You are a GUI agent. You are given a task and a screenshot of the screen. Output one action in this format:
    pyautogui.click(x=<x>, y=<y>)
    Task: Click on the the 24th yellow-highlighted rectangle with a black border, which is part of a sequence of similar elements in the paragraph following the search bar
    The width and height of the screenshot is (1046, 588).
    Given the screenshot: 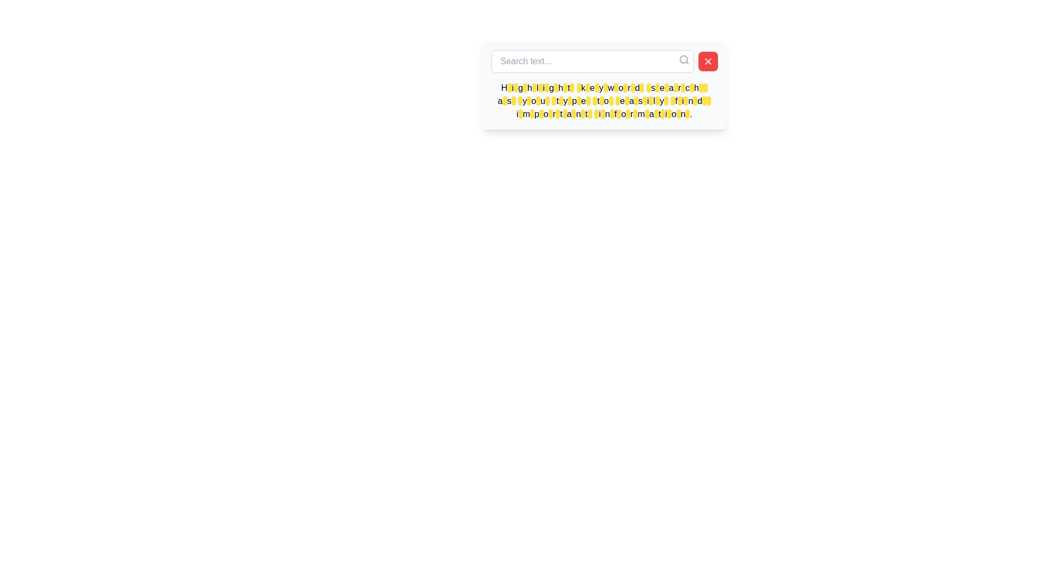 What is the action you would take?
    pyautogui.click(x=691, y=87)
    